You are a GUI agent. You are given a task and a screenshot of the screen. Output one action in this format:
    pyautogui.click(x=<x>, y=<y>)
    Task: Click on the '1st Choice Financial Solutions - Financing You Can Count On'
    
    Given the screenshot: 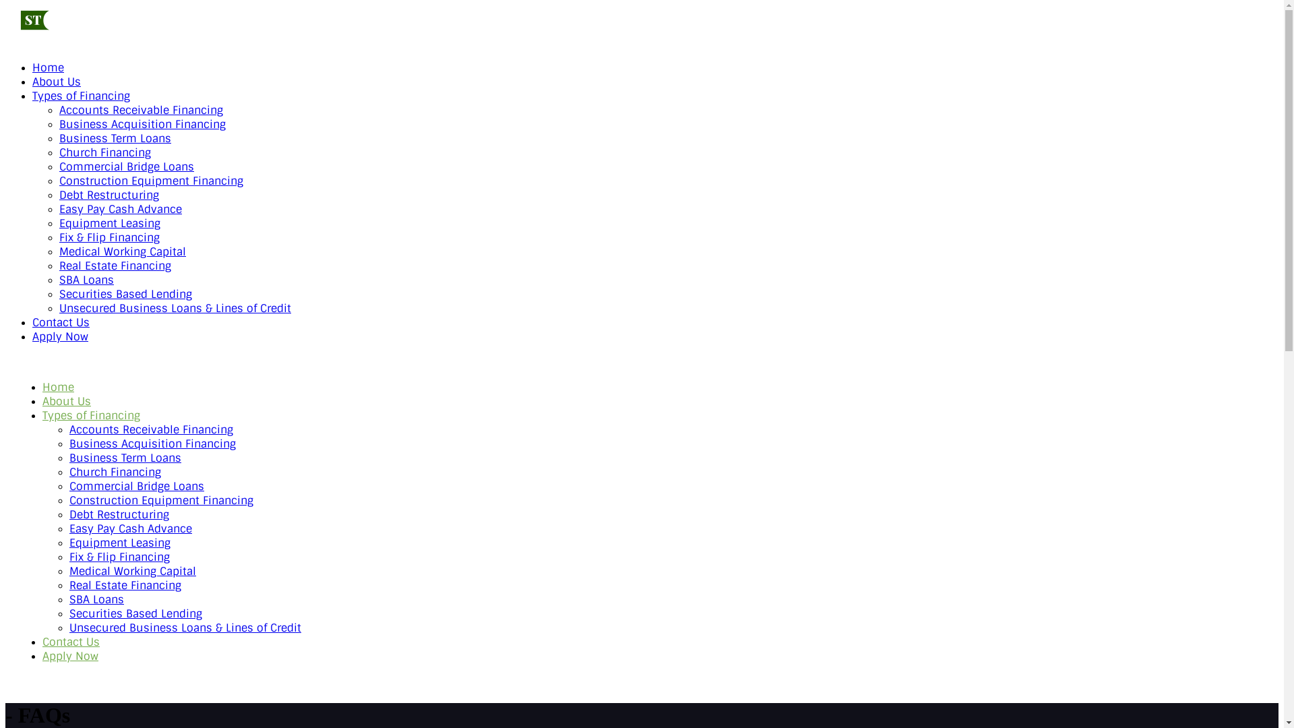 What is the action you would take?
    pyautogui.click(x=72, y=32)
    